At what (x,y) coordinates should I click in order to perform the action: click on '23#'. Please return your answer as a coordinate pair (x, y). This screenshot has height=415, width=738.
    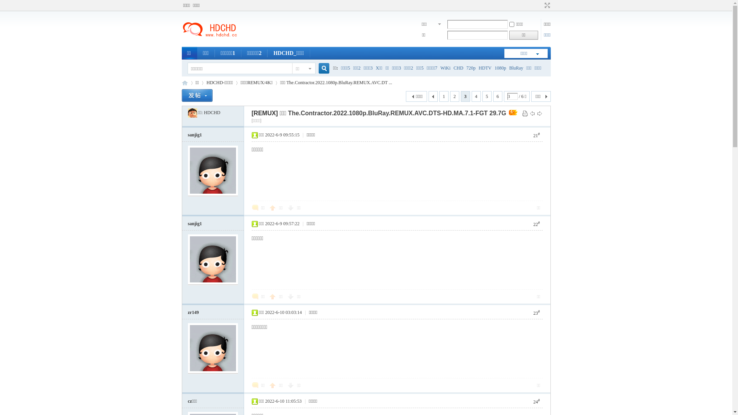
    Looking at the image, I should click on (536, 312).